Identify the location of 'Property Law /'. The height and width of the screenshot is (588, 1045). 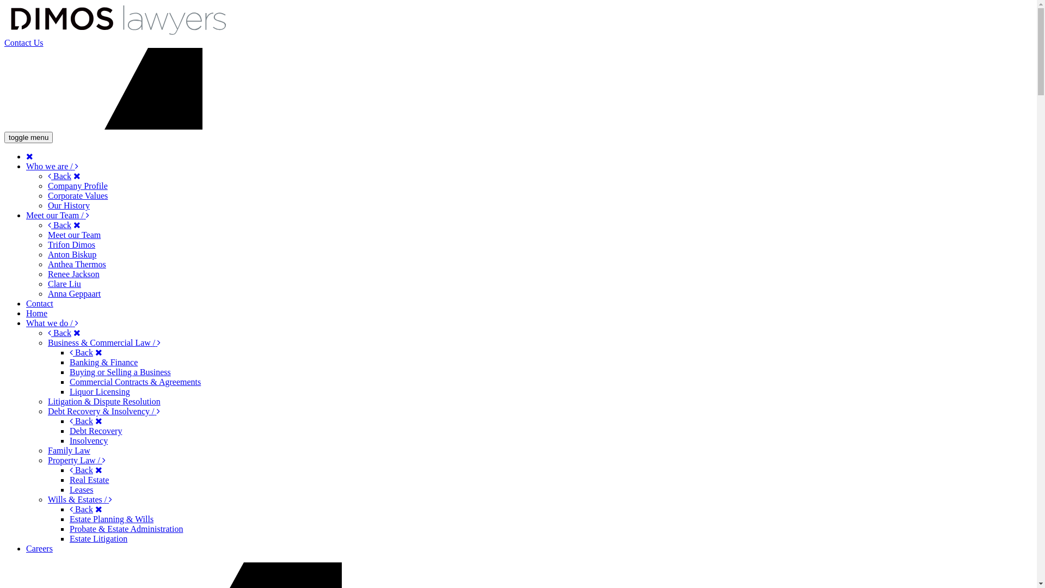
(76, 460).